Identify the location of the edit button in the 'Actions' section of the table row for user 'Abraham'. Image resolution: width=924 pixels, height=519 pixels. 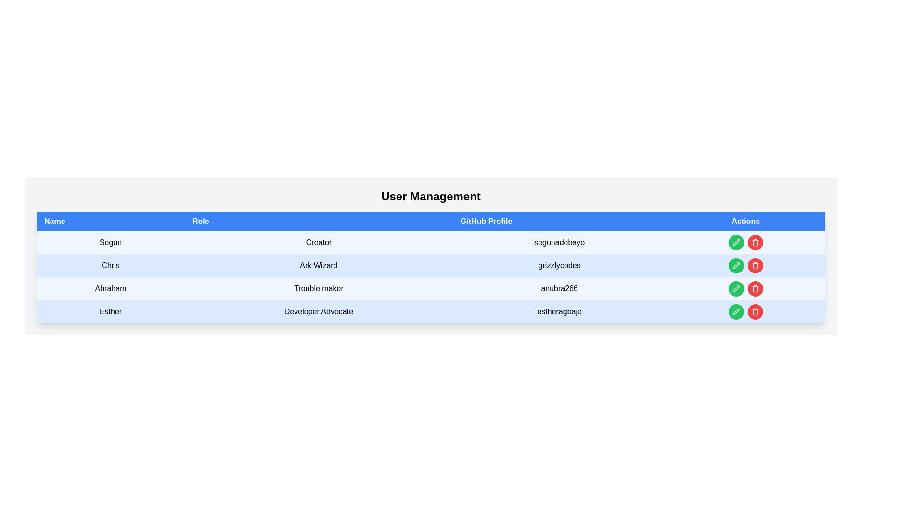
(735, 288).